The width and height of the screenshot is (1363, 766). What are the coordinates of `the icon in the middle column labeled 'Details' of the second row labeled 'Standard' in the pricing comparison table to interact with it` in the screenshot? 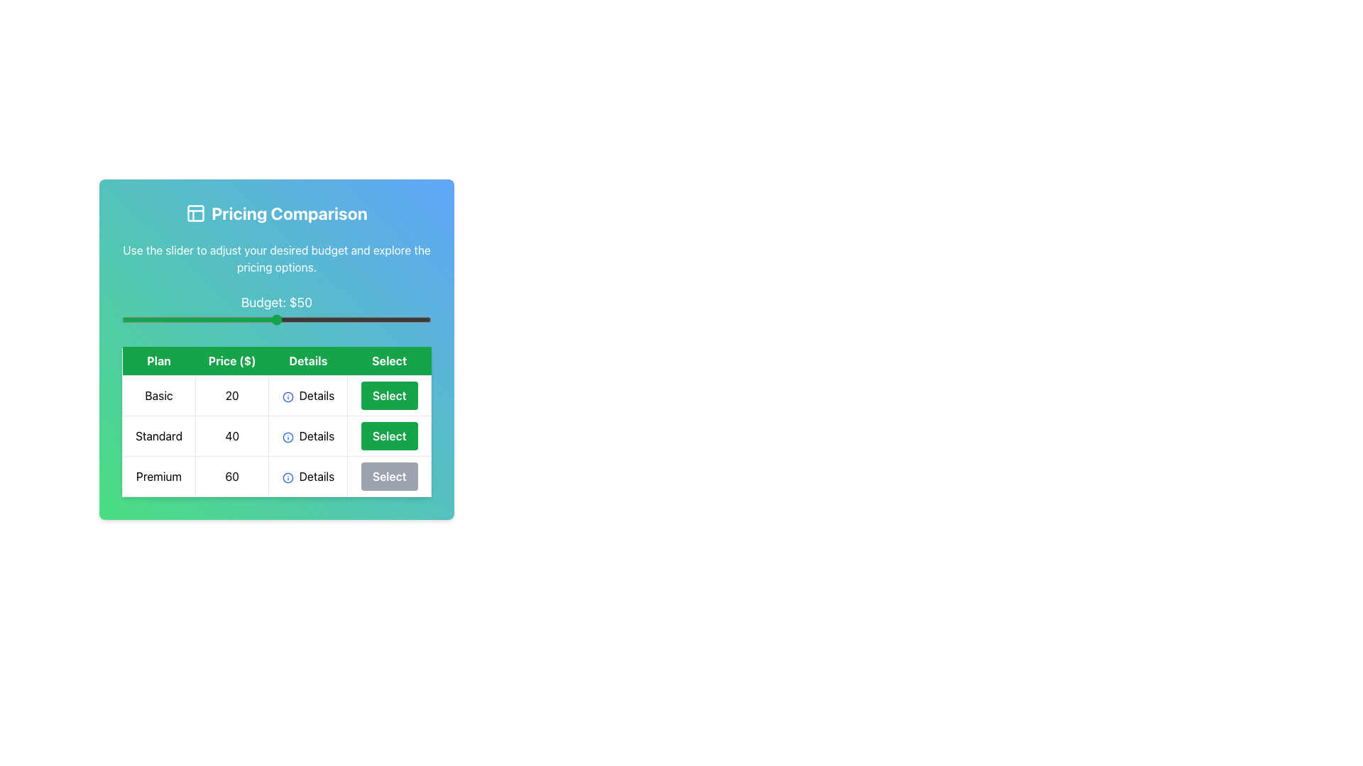 It's located at (287, 436).